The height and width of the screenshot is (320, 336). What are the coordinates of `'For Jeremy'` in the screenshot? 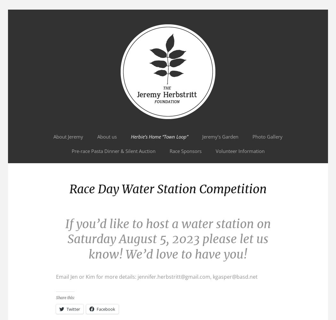 It's located at (26, 27).